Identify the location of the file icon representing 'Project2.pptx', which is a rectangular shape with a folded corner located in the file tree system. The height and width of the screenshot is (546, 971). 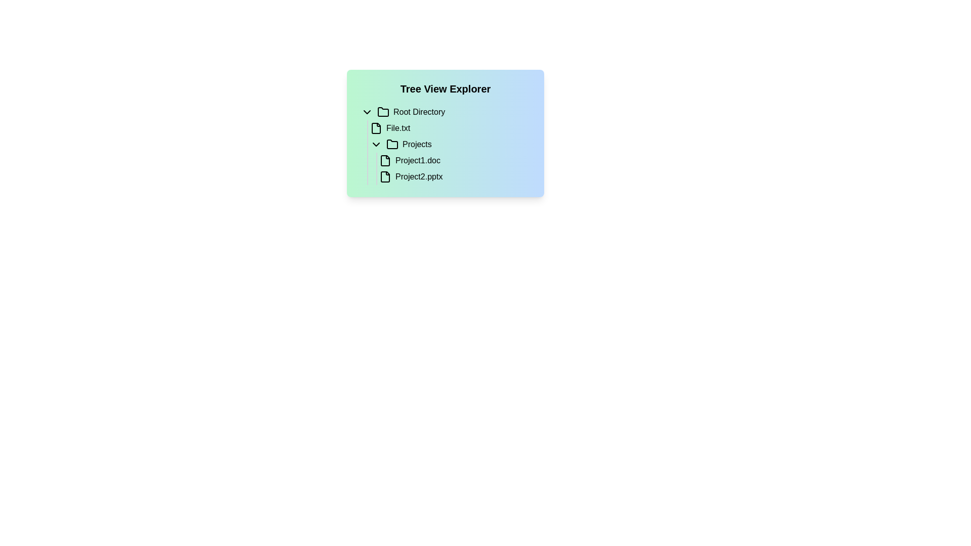
(385, 176).